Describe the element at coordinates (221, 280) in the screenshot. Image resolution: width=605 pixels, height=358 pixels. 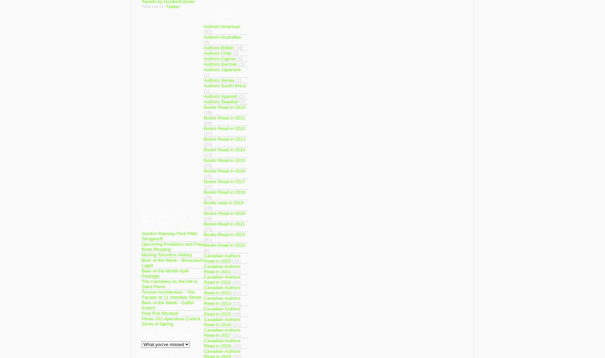
I see `'Canadian Authors Read in 2012'` at that location.